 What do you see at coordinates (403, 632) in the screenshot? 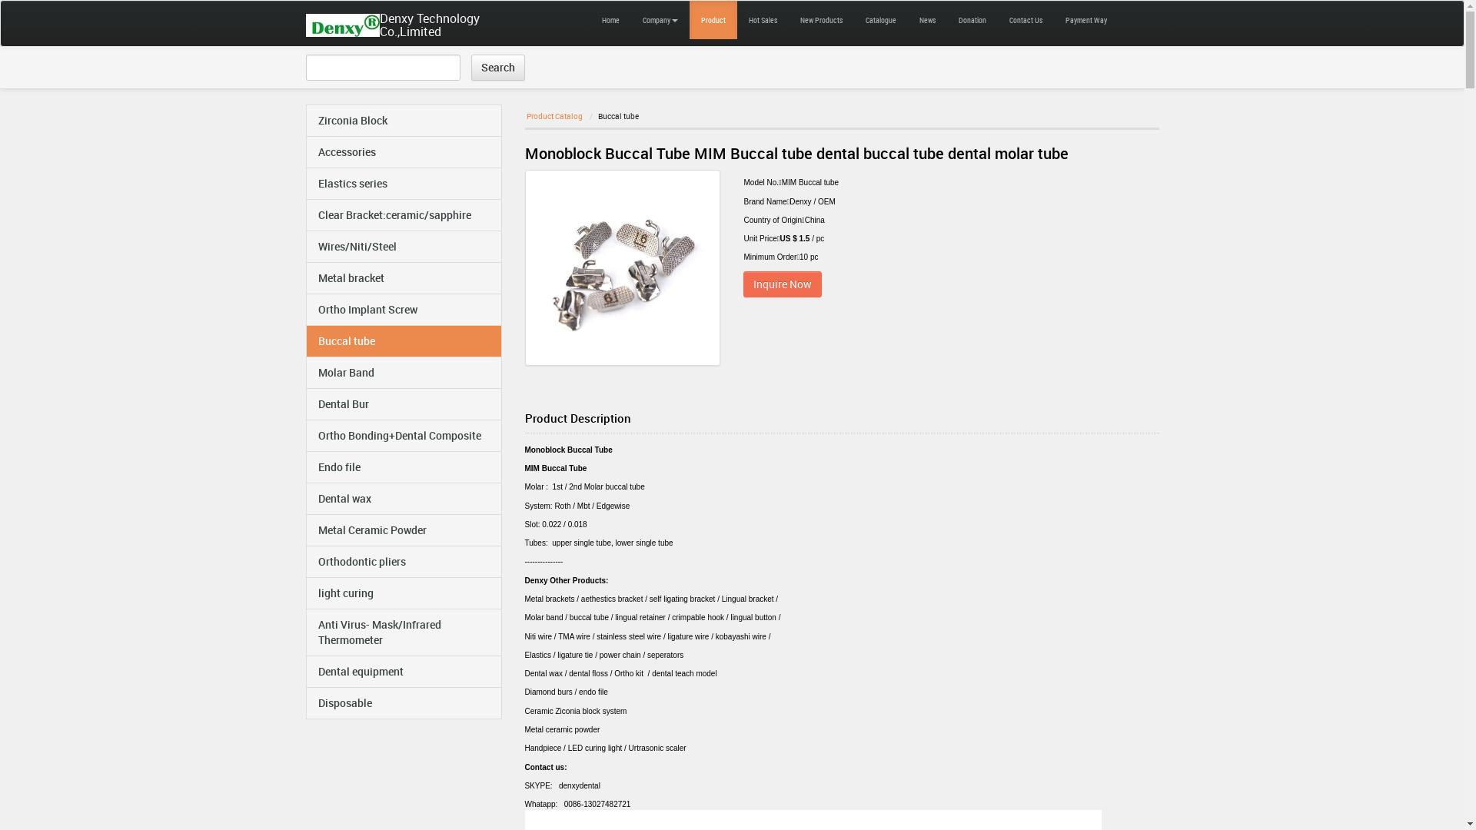
I see `'Anti Virus- Mask/Infrared Thermometer'` at bounding box center [403, 632].